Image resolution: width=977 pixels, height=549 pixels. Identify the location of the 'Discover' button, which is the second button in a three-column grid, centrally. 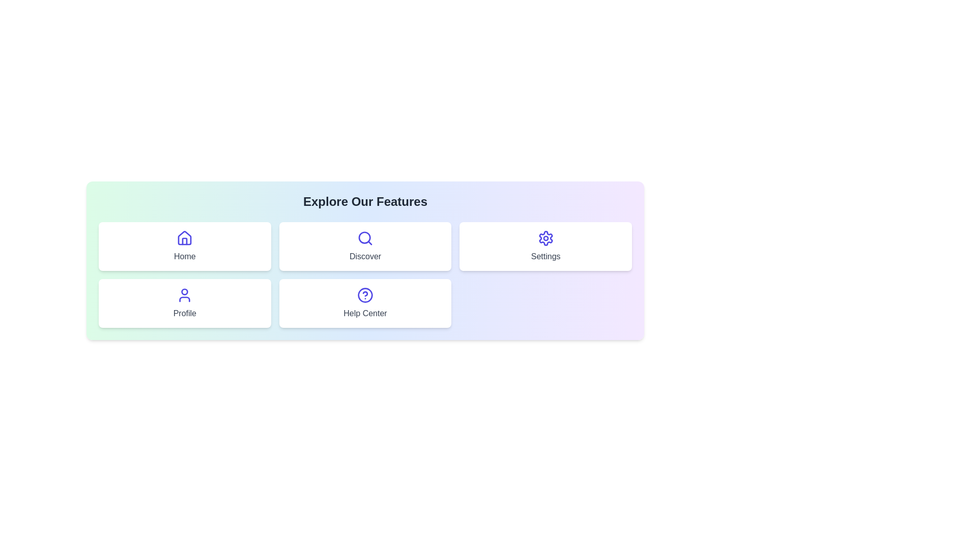
(365, 247).